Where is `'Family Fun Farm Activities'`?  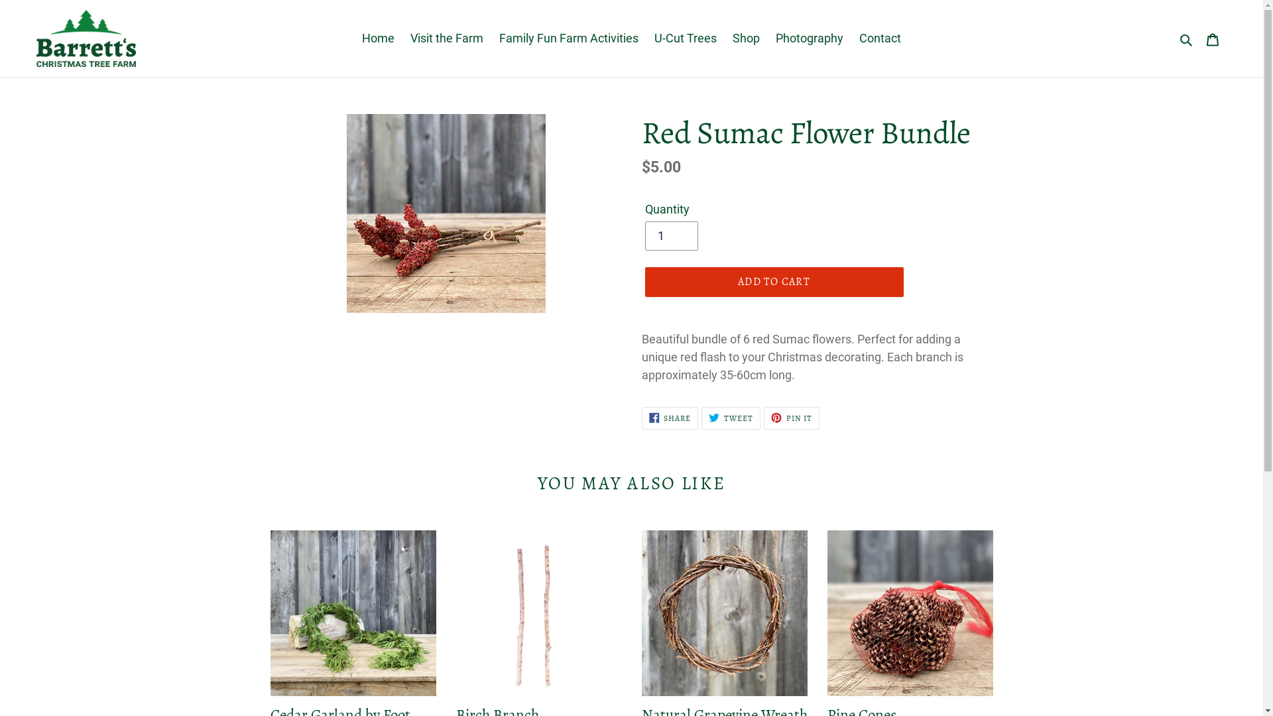 'Family Fun Farm Activities' is located at coordinates (569, 37).